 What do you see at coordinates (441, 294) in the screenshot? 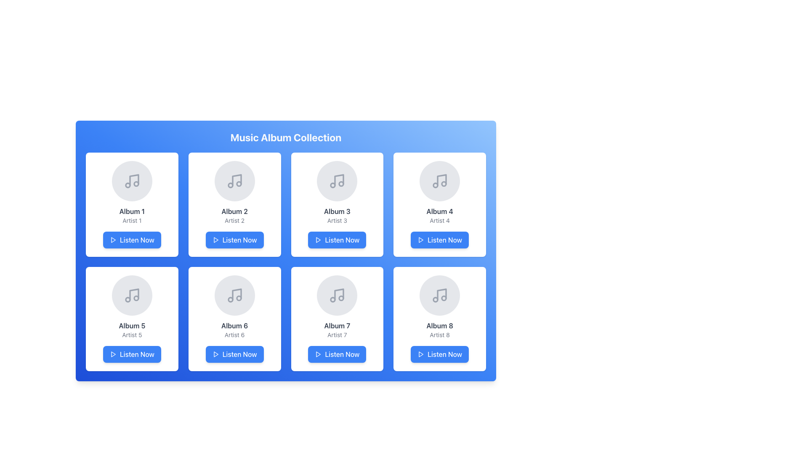
I see `the thin, vertical line segment resembling the stem of a musical note located in the lower-right corner of the circular music note icon within the eighth album card` at bounding box center [441, 294].